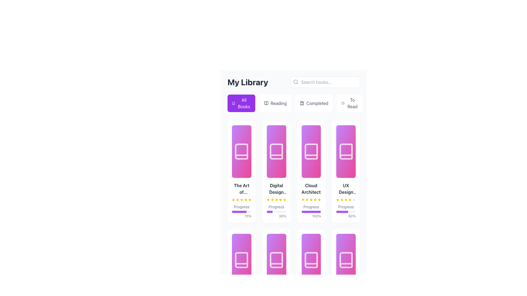 This screenshot has height=296, width=527. What do you see at coordinates (311, 216) in the screenshot?
I see `the small text label displaying '100%' in a gray font, located at the bottom-right corner of the 'Cloud Architect' card's progress section` at bounding box center [311, 216].